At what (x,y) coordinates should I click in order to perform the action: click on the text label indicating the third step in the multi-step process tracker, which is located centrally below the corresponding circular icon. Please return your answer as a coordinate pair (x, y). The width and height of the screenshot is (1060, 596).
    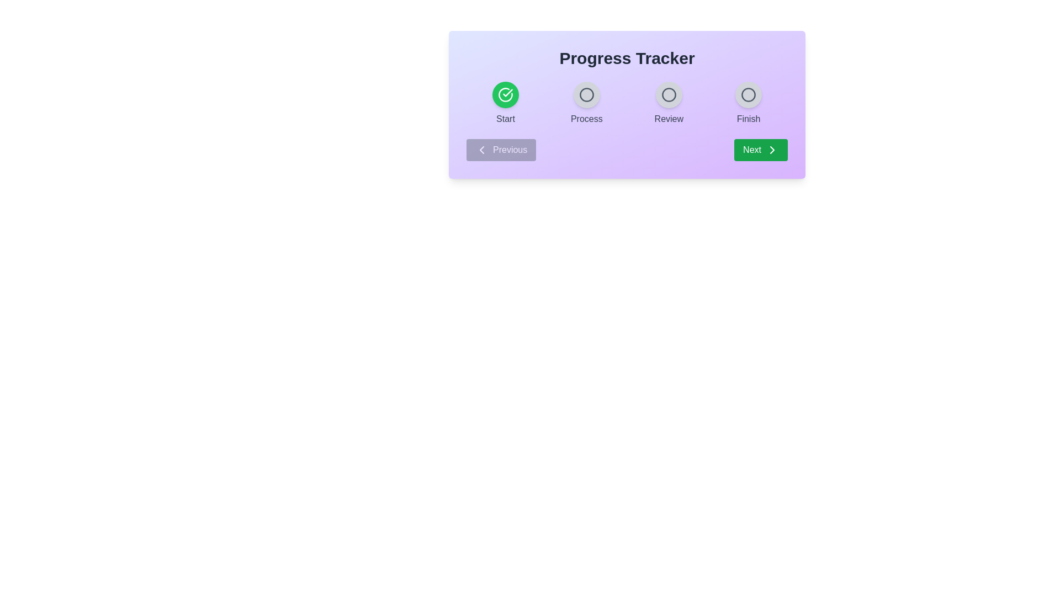
    Looking at the image, I should click on (668, 119).